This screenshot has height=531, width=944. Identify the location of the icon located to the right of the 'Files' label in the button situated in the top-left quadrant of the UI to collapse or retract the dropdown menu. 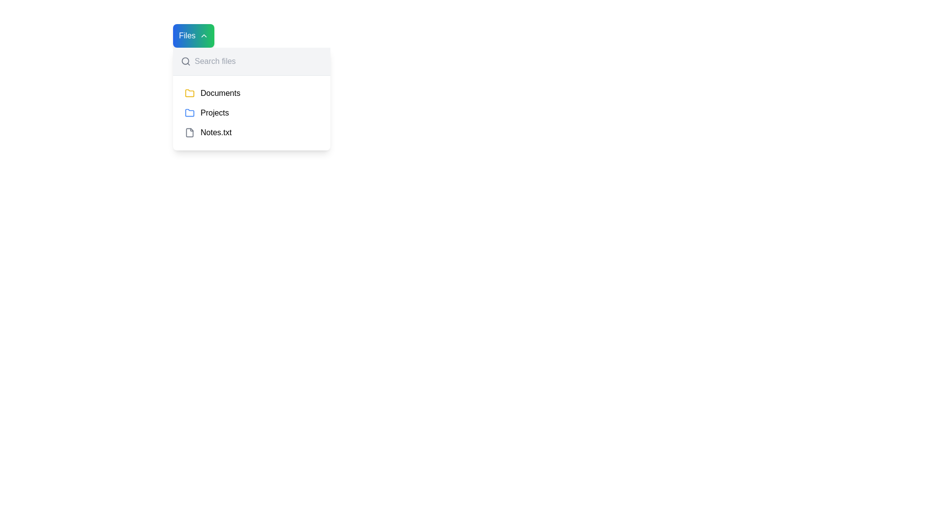
(203, 35).